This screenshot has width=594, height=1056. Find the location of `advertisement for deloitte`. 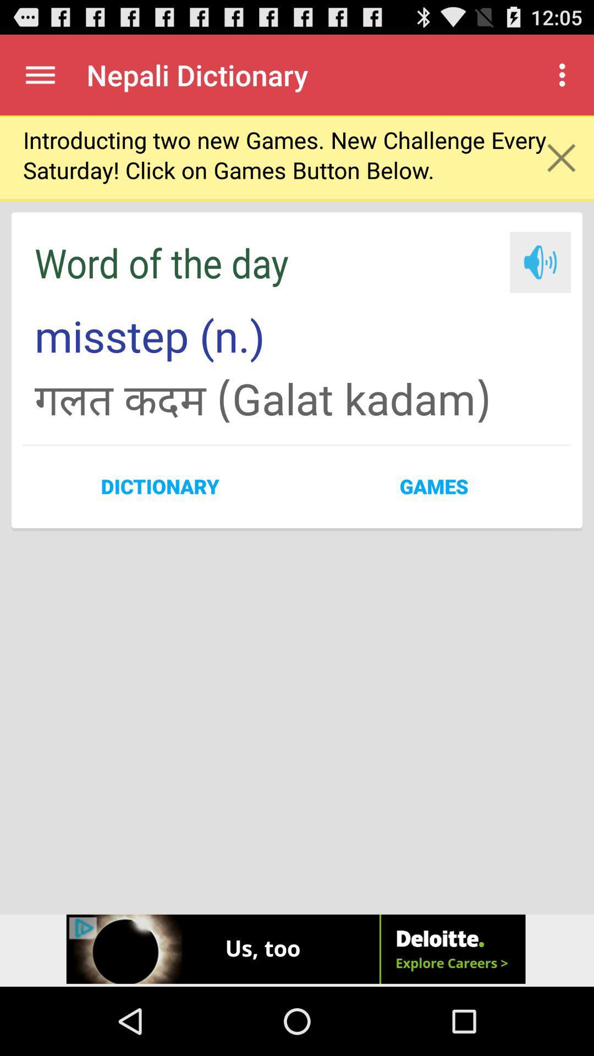

advertisement for deloitte is located at coordinates (297, 950).